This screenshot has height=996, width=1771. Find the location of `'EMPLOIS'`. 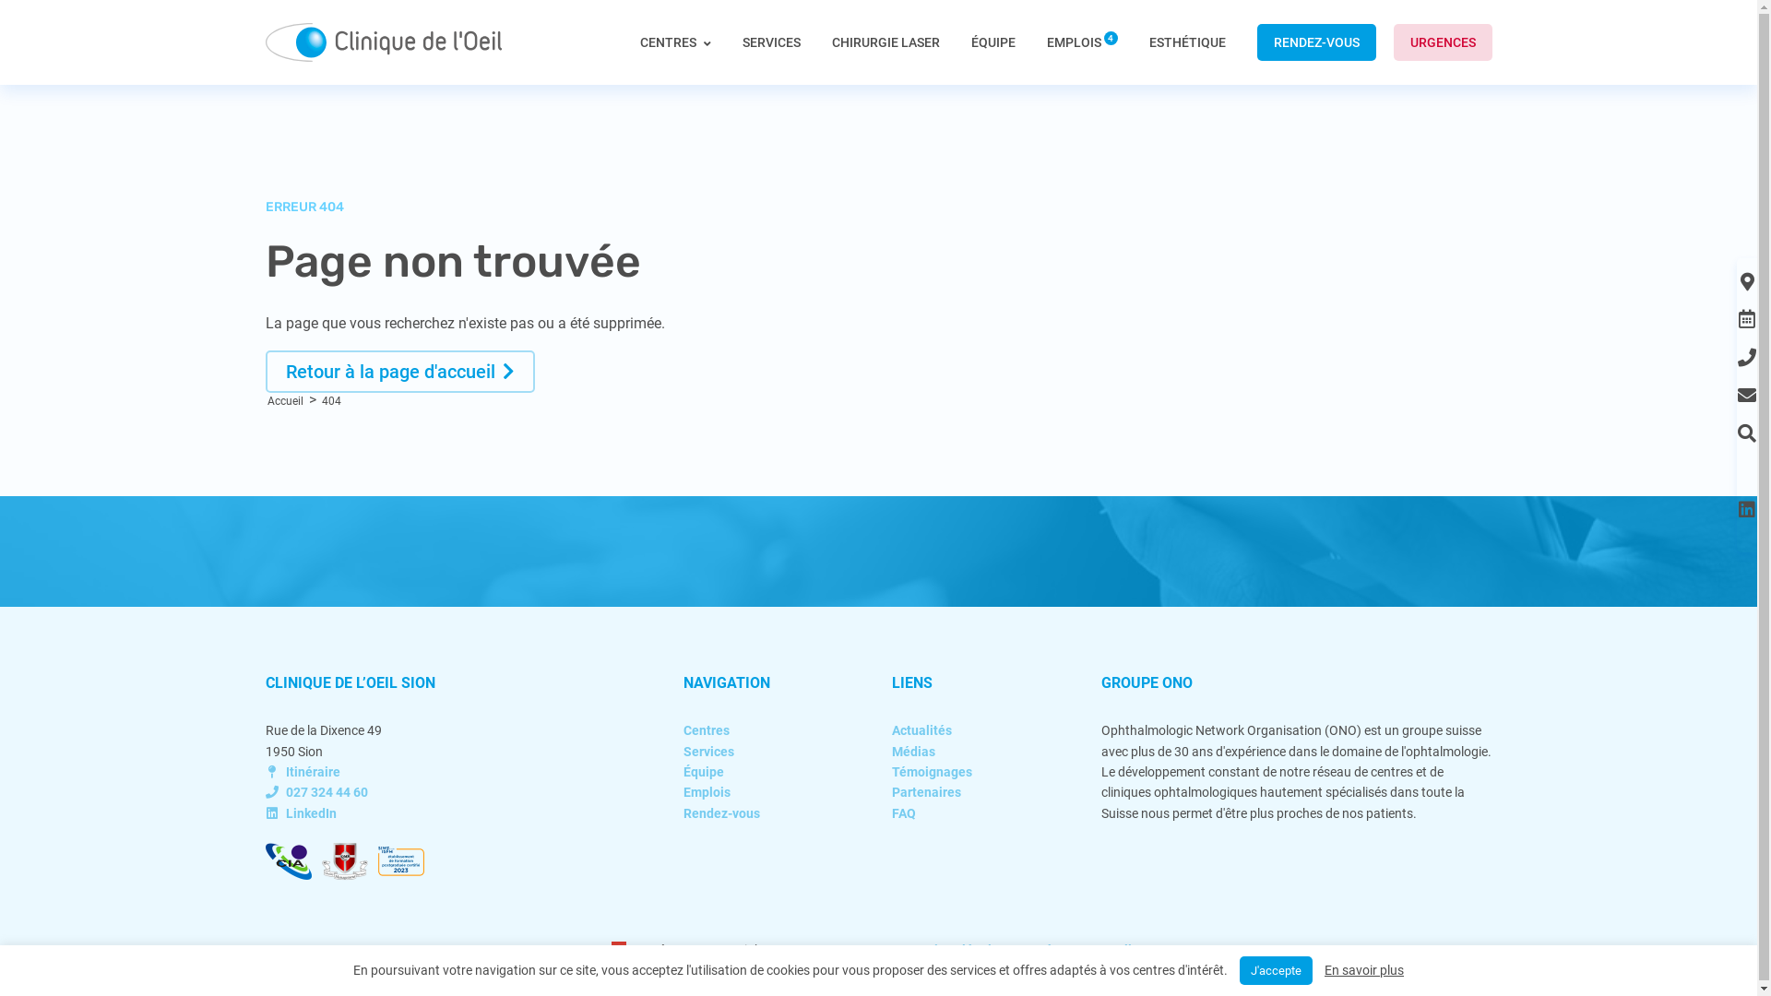

'EMPLOIS' is located at coordinates (1081, 41).